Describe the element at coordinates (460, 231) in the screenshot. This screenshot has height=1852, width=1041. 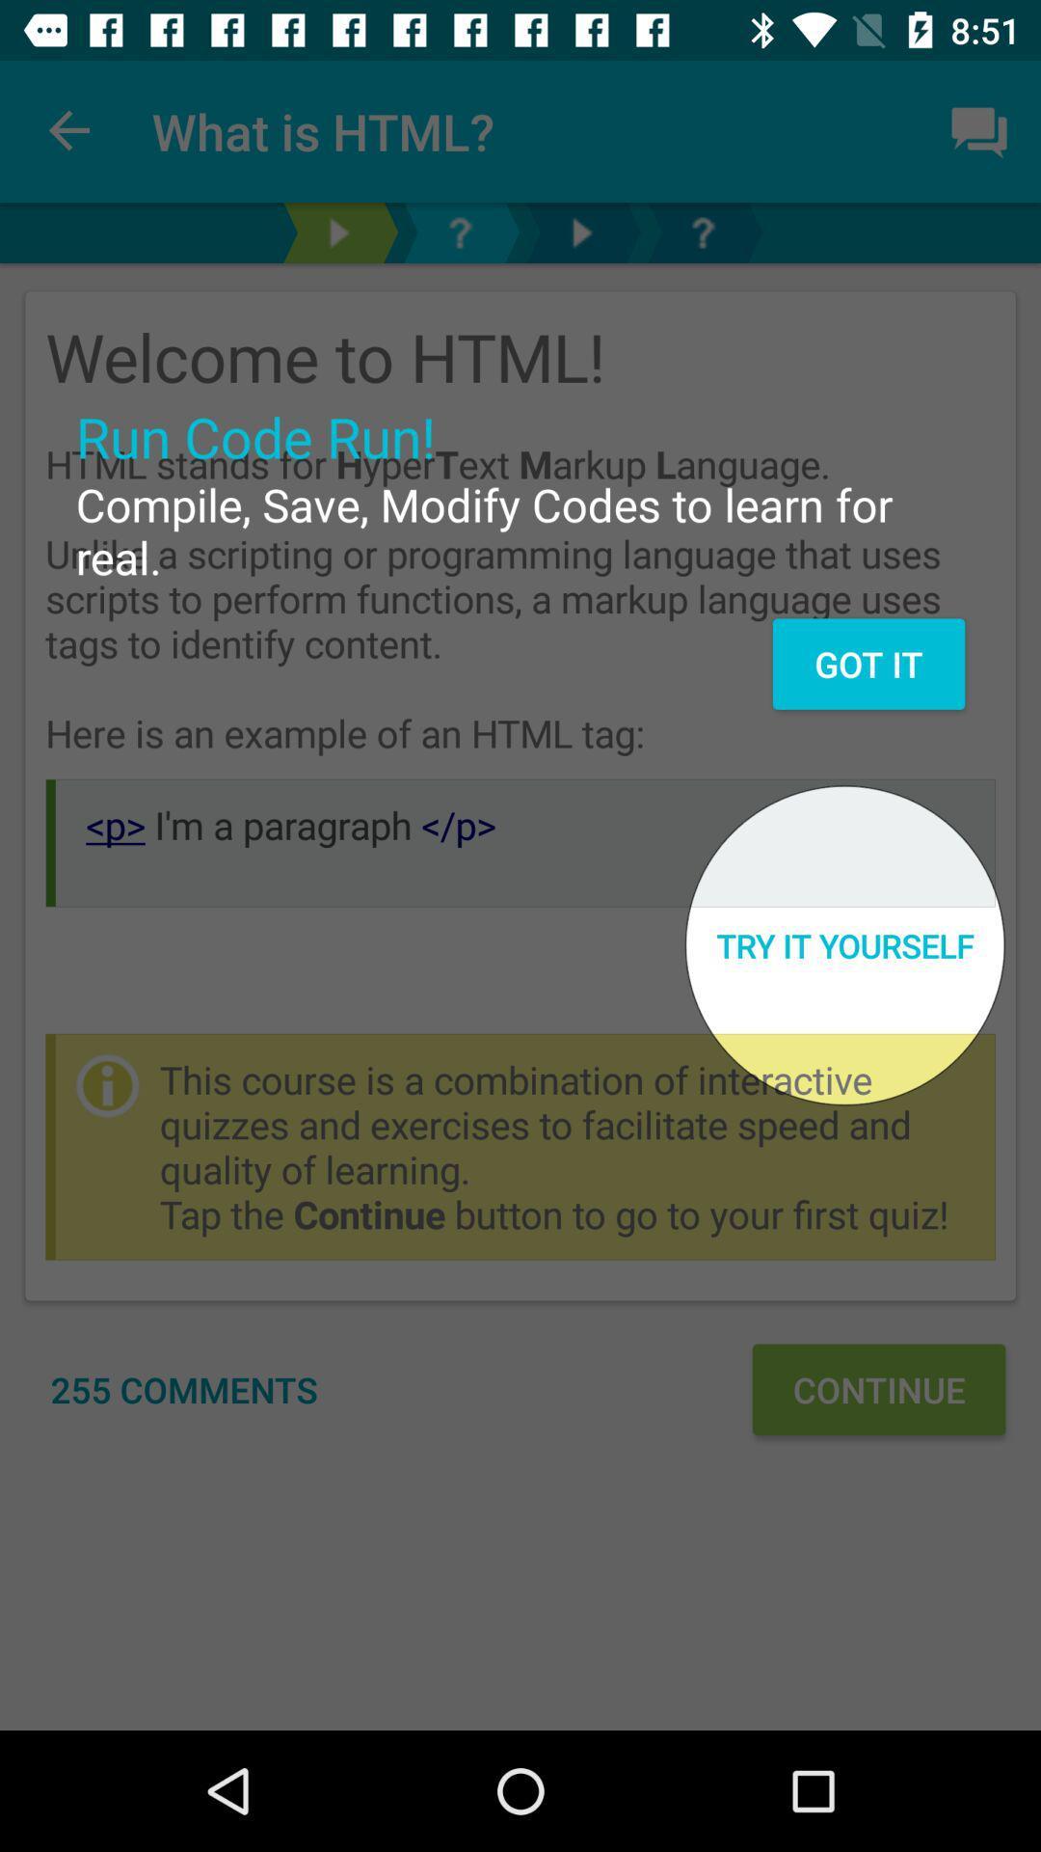
I see `question mark` at that location.